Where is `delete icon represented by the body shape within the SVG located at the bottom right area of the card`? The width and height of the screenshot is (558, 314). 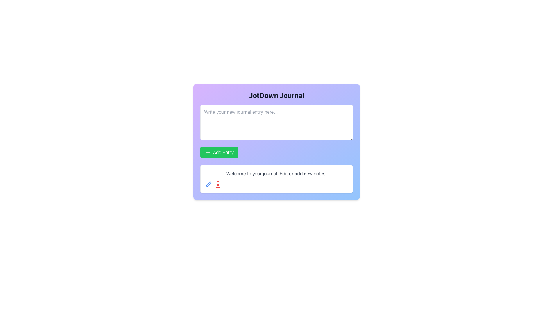 delete icon represented by the body shape within the SVG located at the bottom right area of the card is located at coordinates (217, 185).